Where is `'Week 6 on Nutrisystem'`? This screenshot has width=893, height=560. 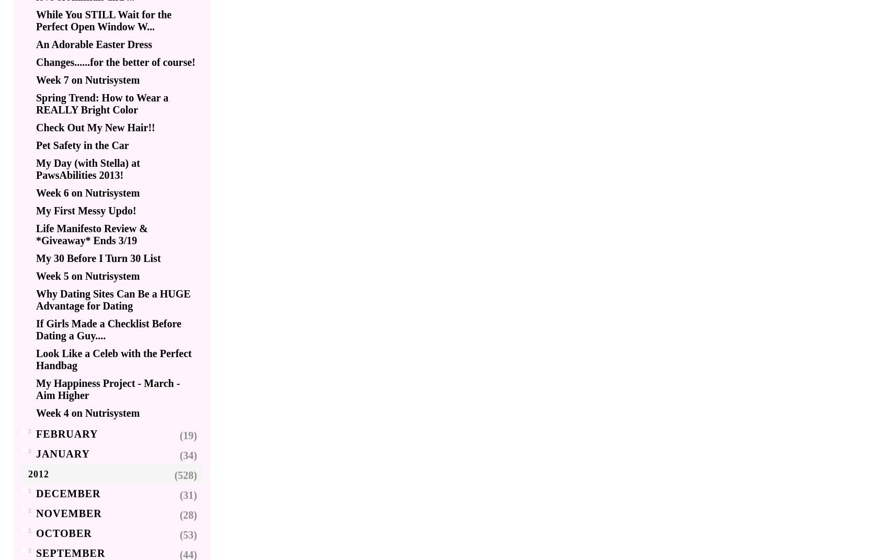
'Week 6 on Nutrisystem' is located at coordinates (88, 192).